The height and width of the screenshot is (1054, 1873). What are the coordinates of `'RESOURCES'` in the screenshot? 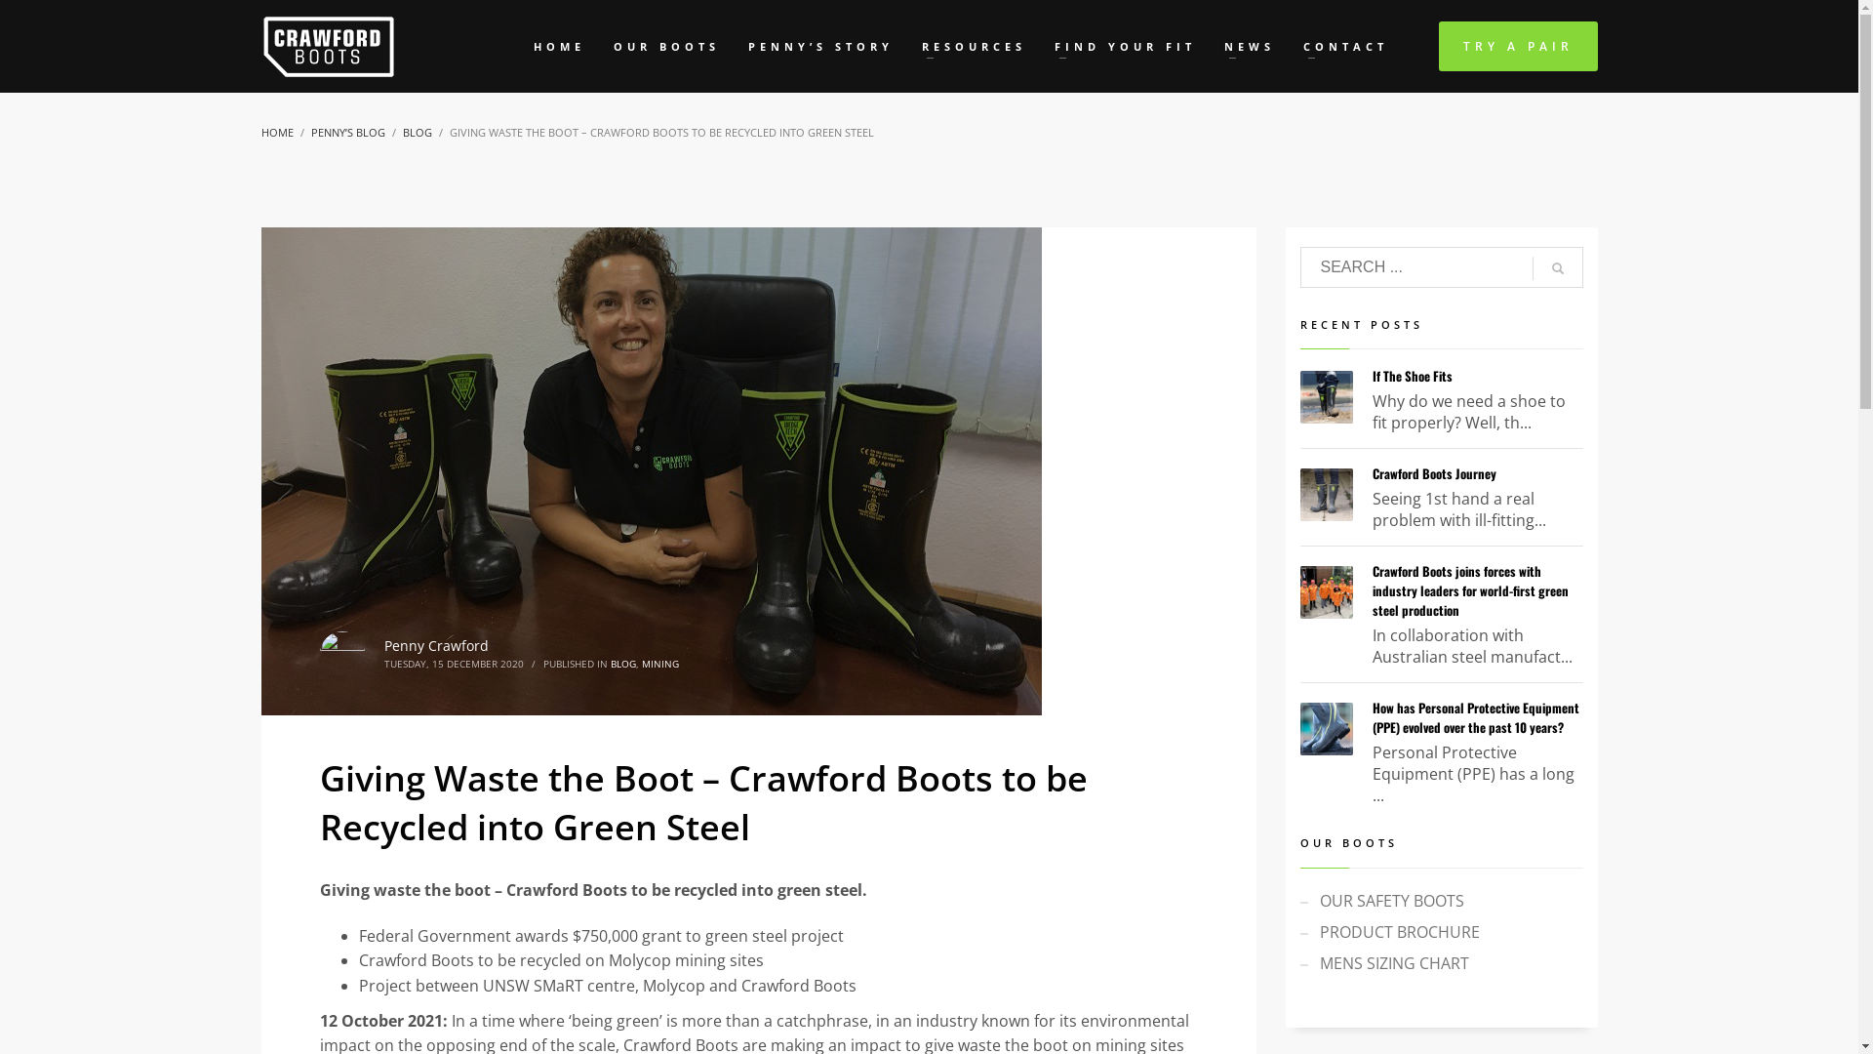 It's located at (973, 44).